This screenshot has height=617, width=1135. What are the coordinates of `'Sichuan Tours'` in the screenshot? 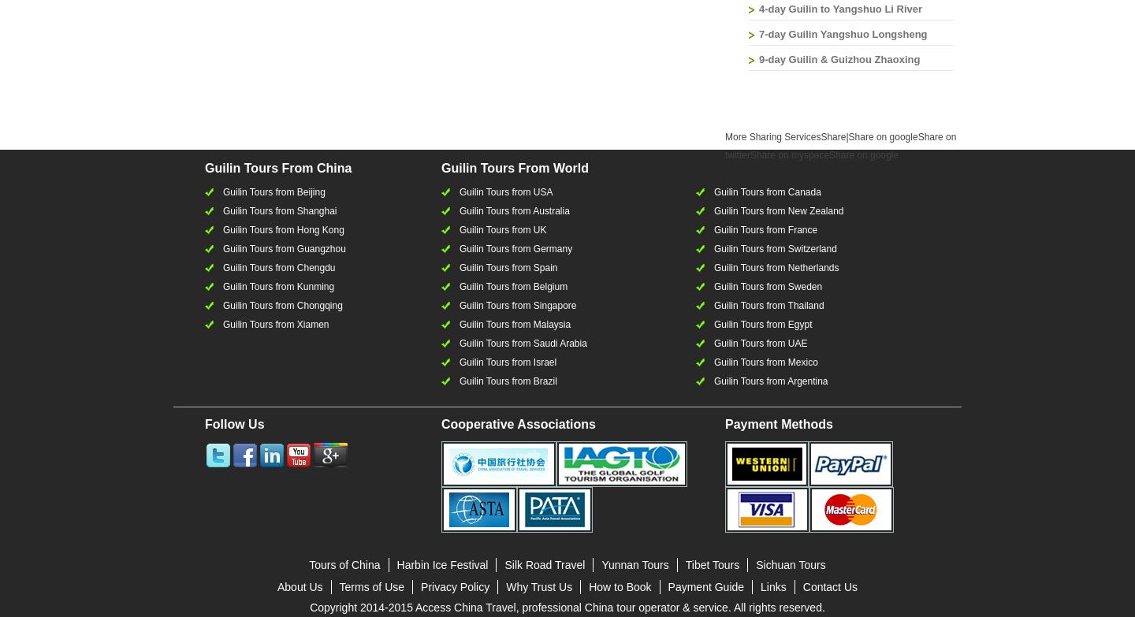 It's located at (789, 563).